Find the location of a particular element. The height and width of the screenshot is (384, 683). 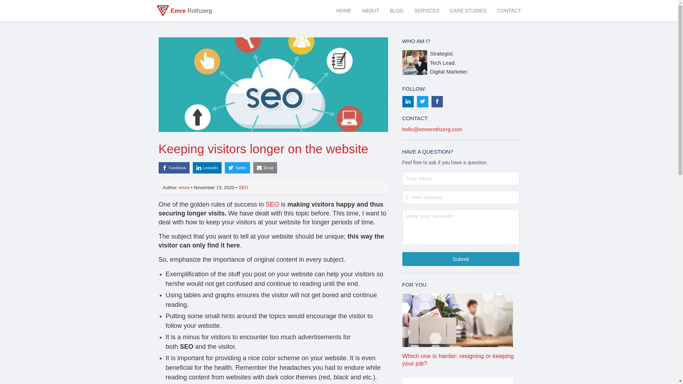

'Submit' is located at coordinates (461, 259).